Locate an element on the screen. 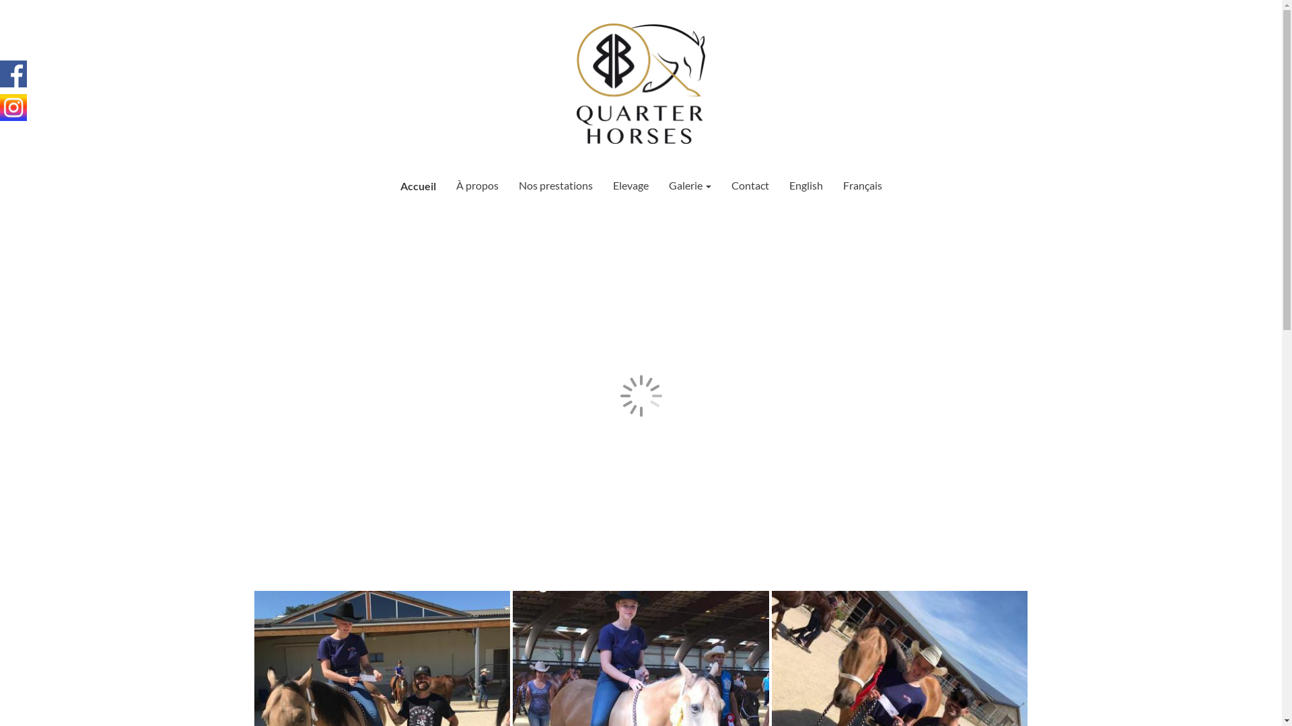 Image resolution: width=1292 pixels, height=726 pixels. 'Elevage' is located at coordinates (602, 186).